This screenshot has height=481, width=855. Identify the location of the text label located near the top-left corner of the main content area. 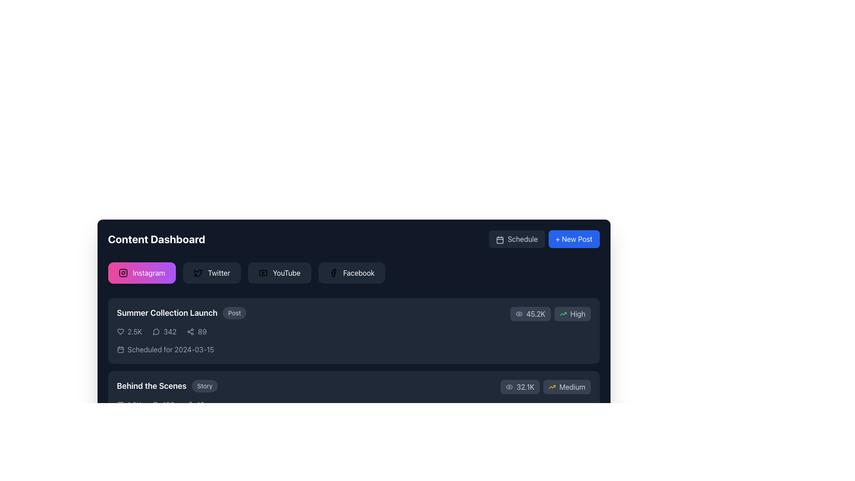
(167, 312).